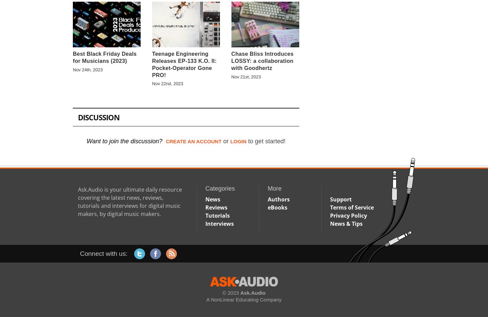 Image resolution: width=488 pixels, height=317 pixels. What do you see at coordinates (278, 207) in the screenshot?
I see `'eBooks'` at bounding box center [278, 207].